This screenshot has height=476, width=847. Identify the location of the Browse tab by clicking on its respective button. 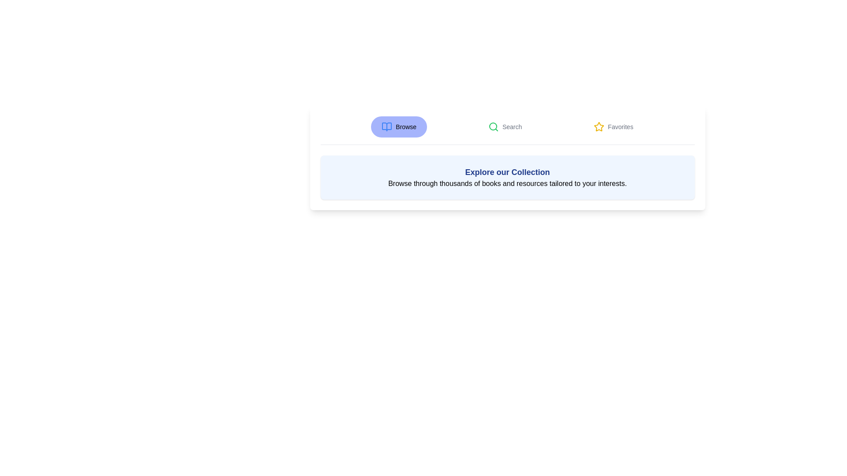
(398, 127).